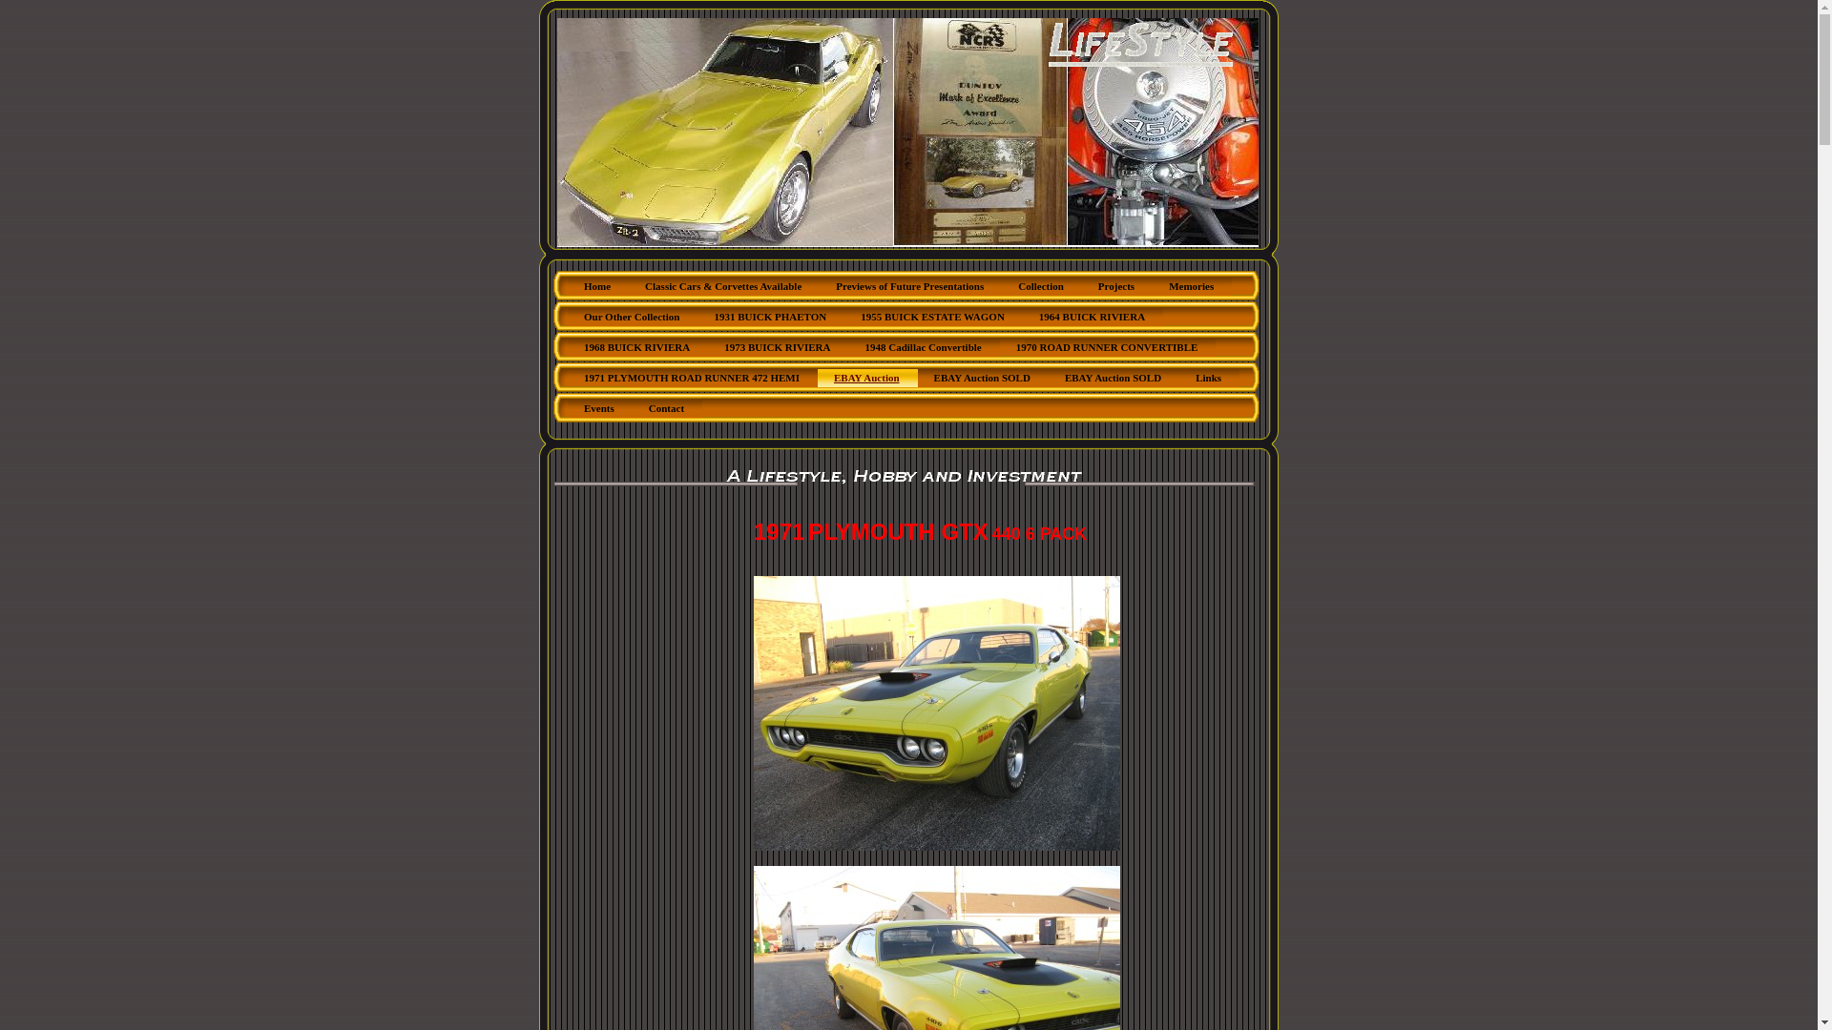  Describe the element at coordinates (667, 408) in the screenshot. I see `'Contact'` at that location.